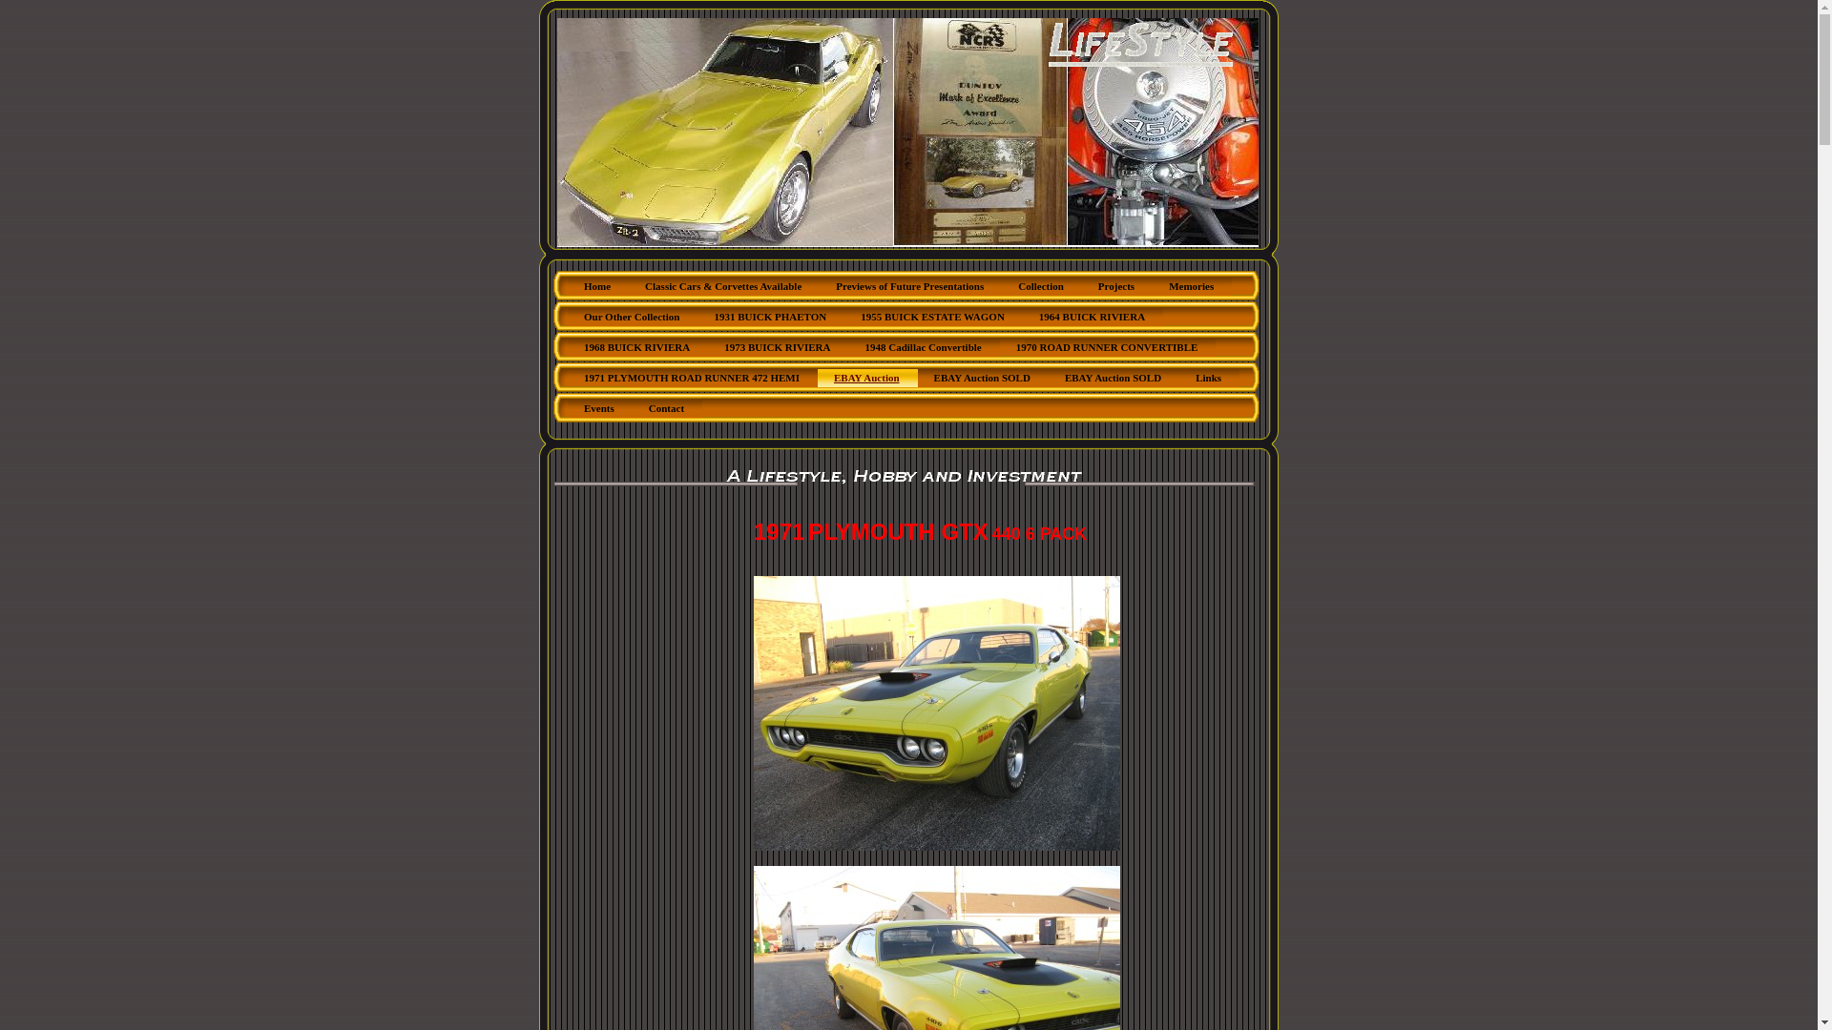  Describe the element at coordinates (667, 408) in the screenshot. I see `'Contact'` at that location.